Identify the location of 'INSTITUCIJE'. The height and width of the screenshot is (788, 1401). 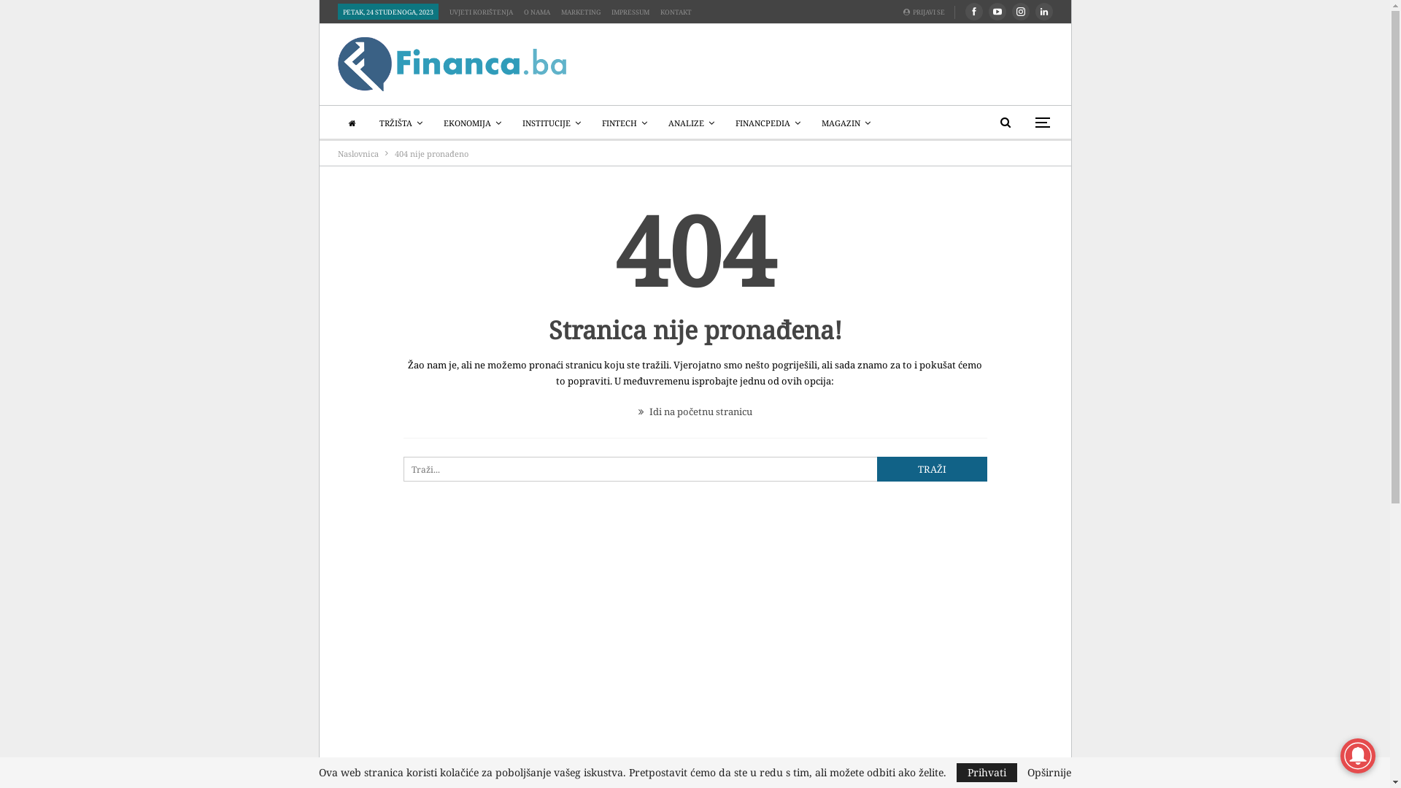
(514, 123).